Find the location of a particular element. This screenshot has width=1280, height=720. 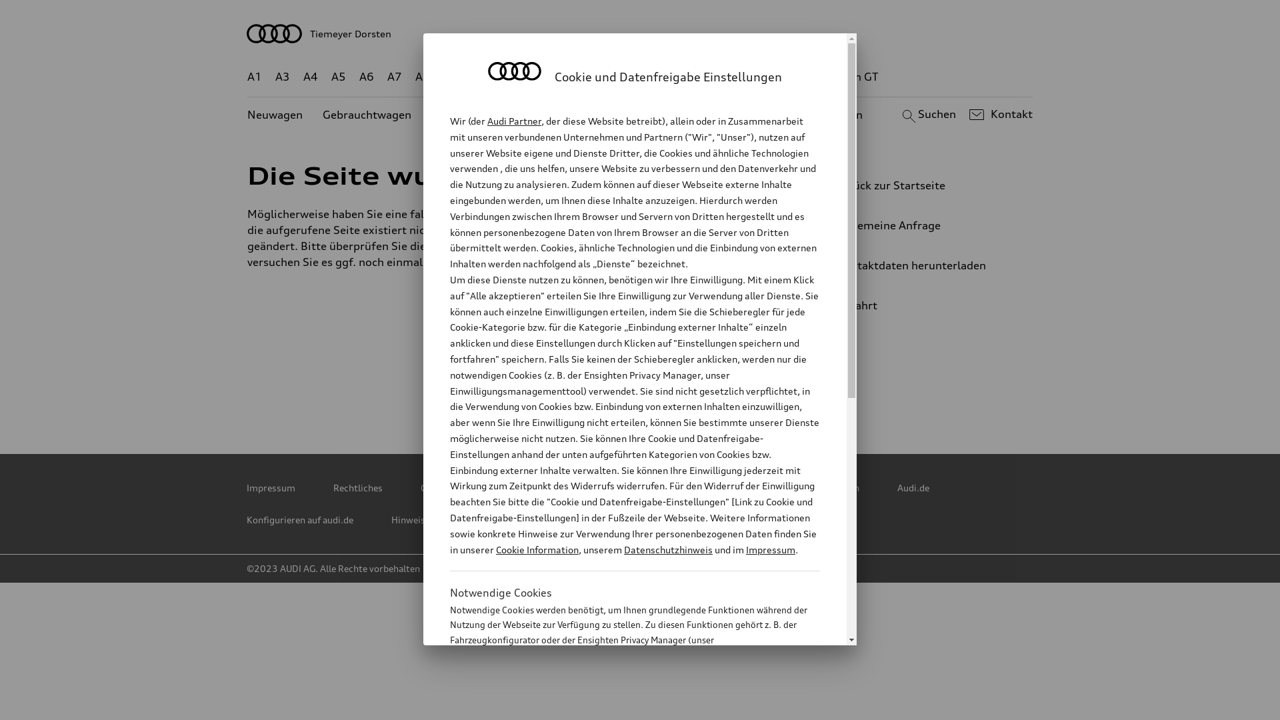

'Q8' is located at coordinates (629, 77).